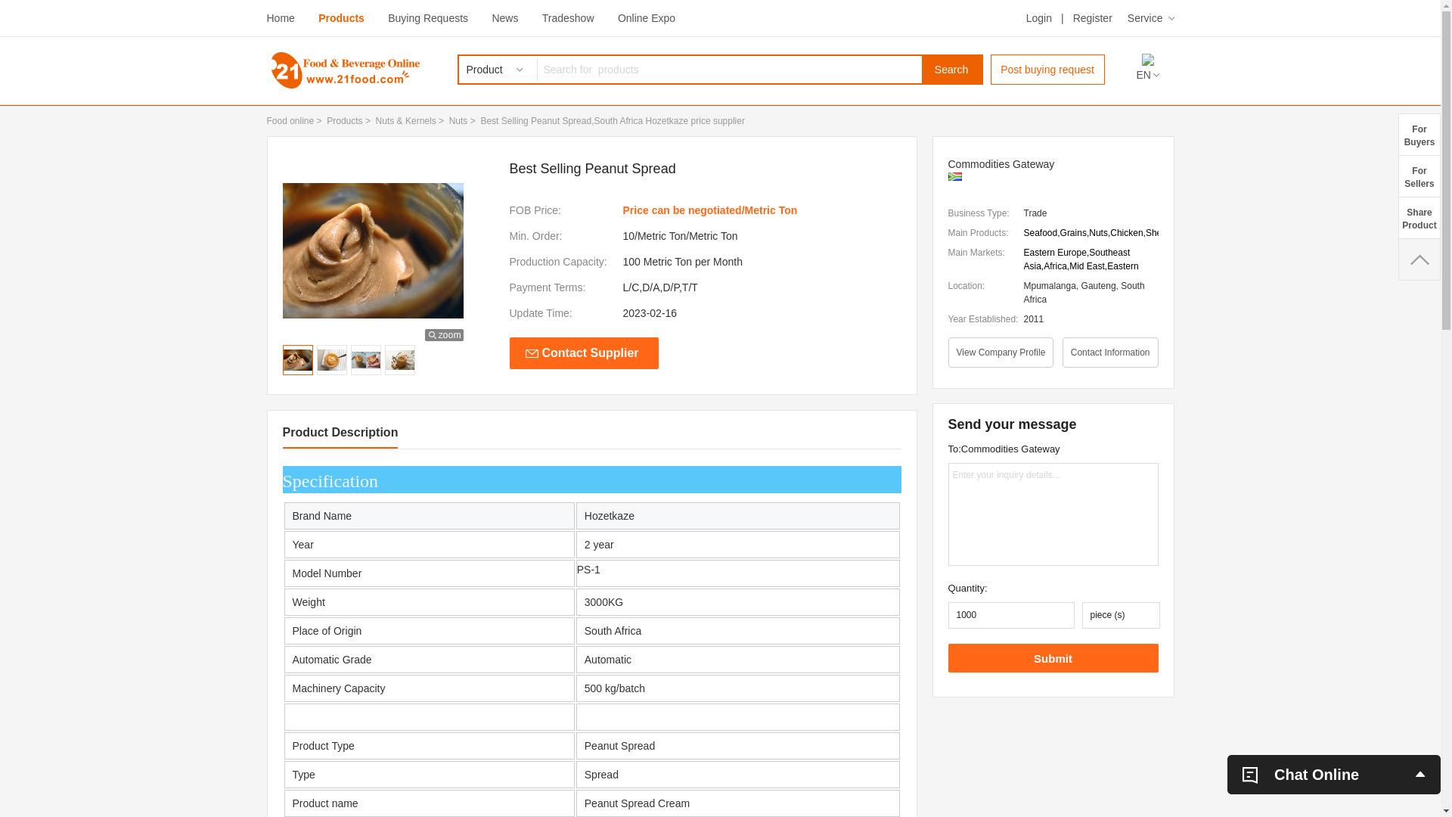  Describe the element at coordinates (1001, 353) in the screenshot. I see `'View Company Profile'` at that location.